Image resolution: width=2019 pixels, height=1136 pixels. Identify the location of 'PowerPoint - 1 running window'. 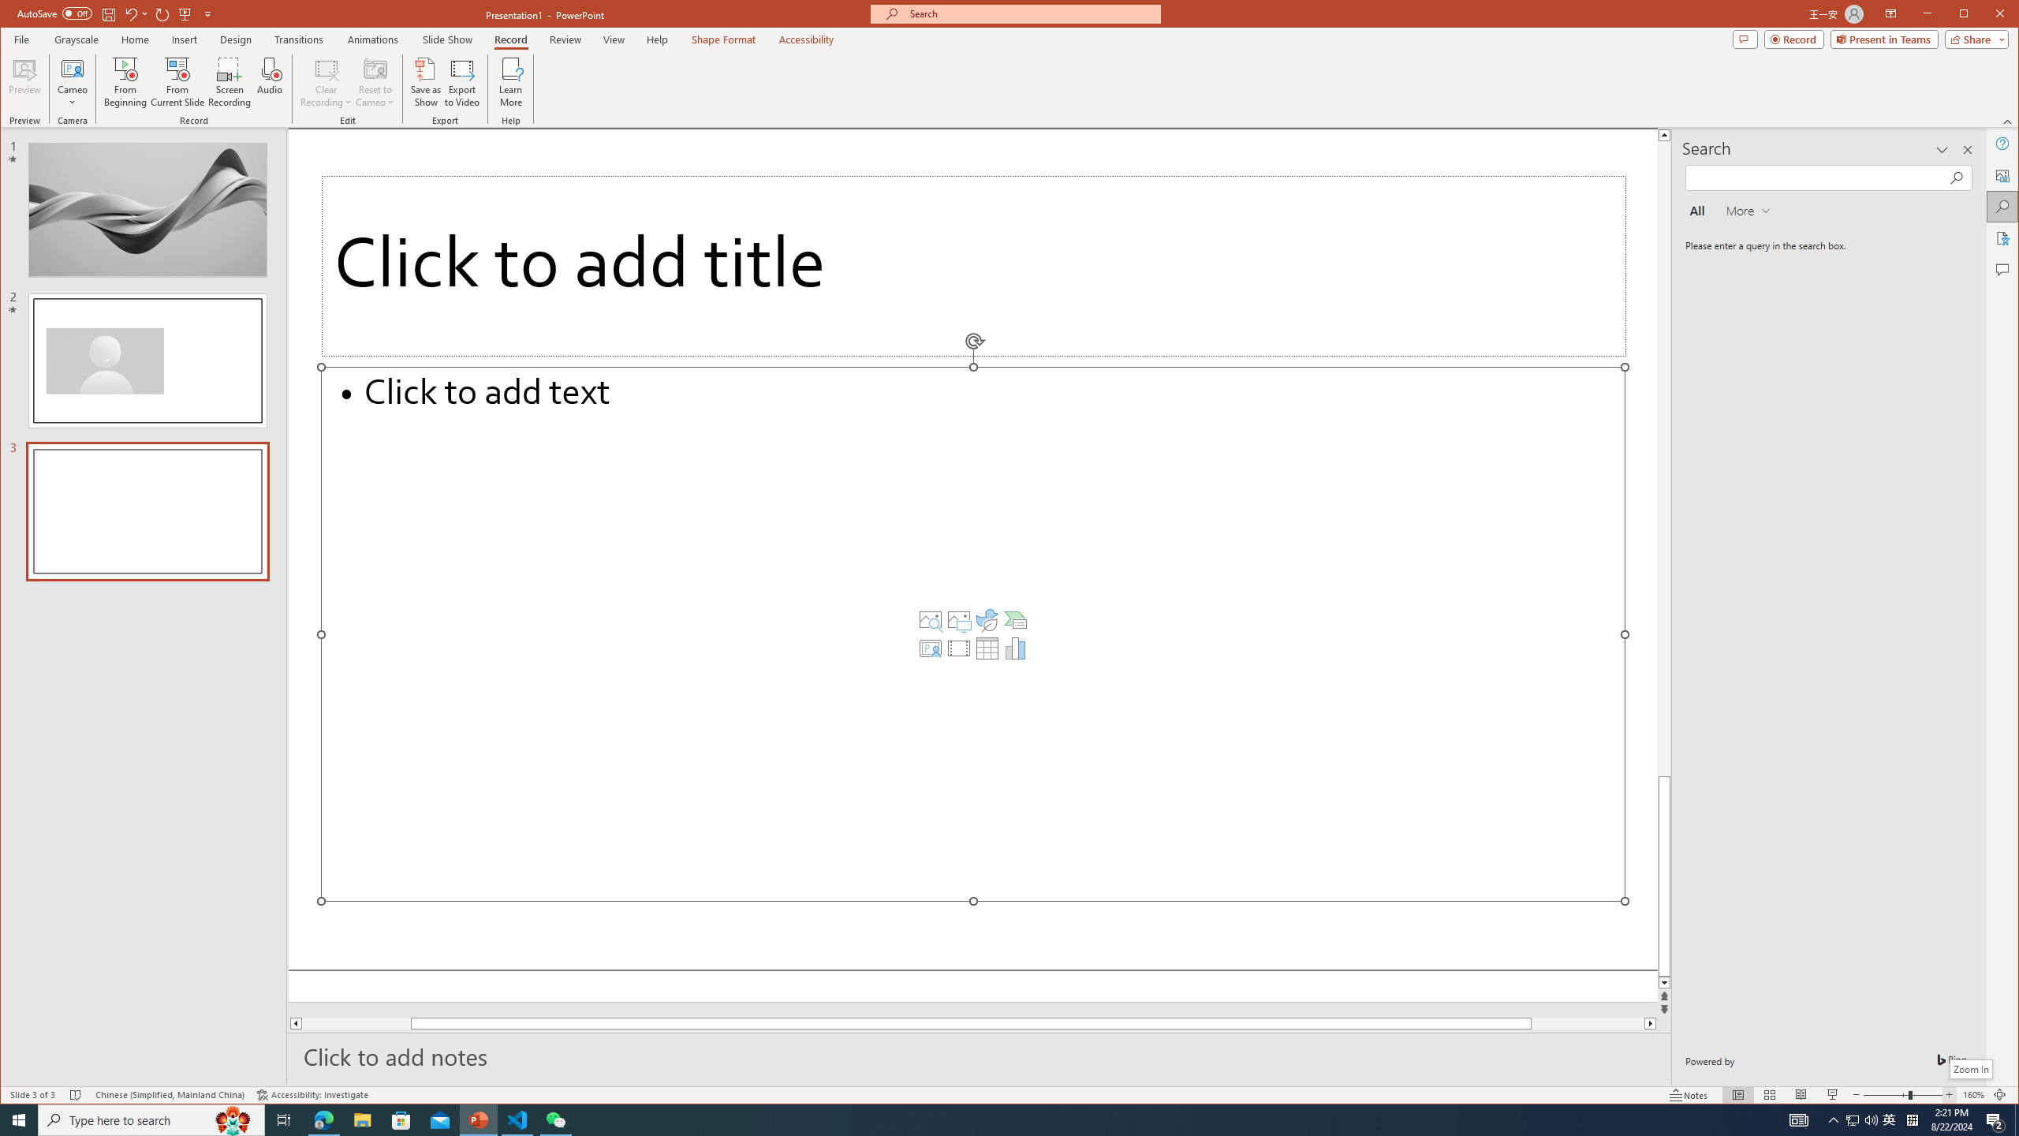
(479, 1119).